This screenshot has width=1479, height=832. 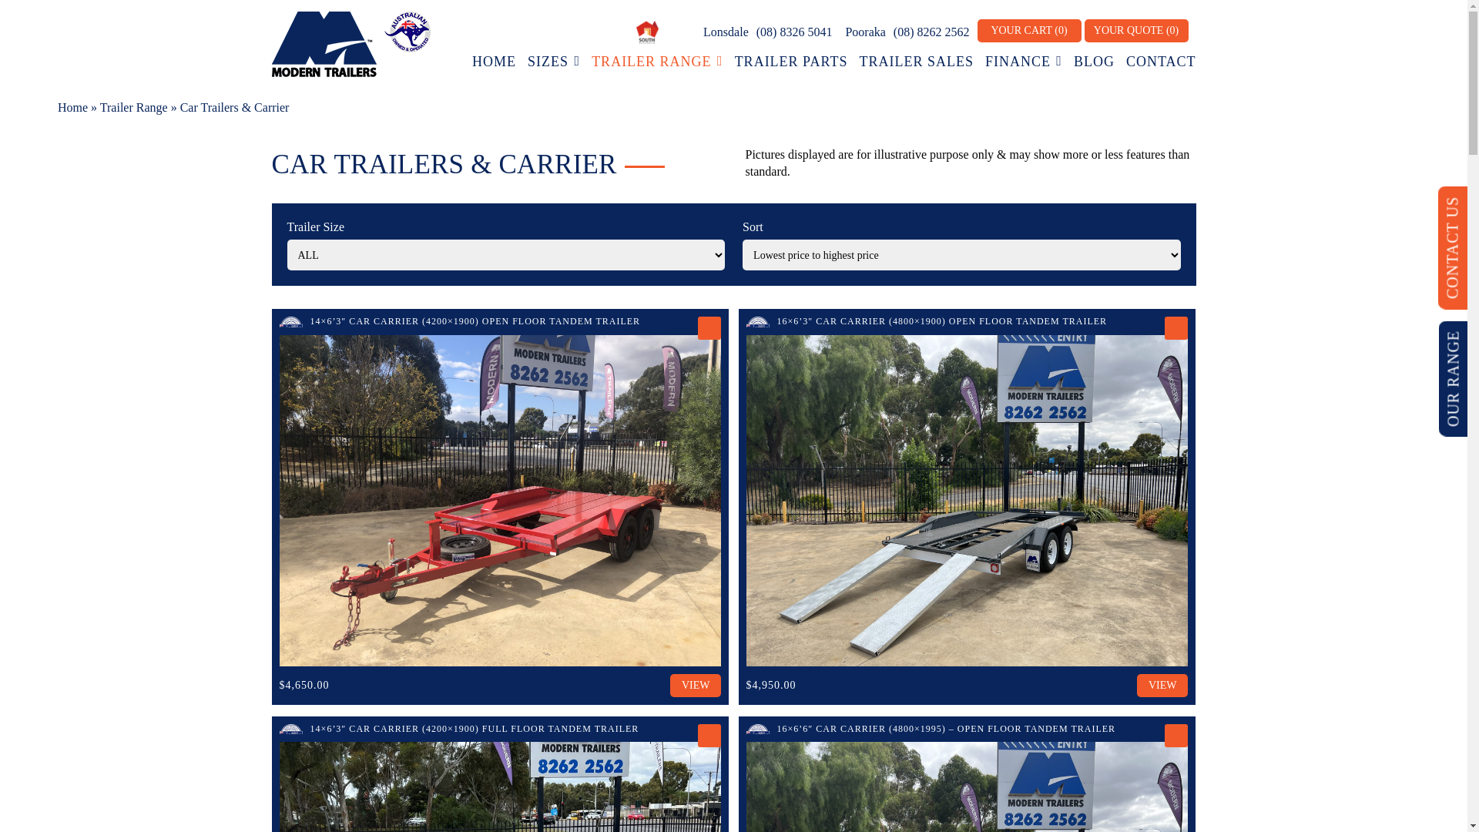 I want to click on 'YOUR CART (0)', so click(x=1028, y=30).